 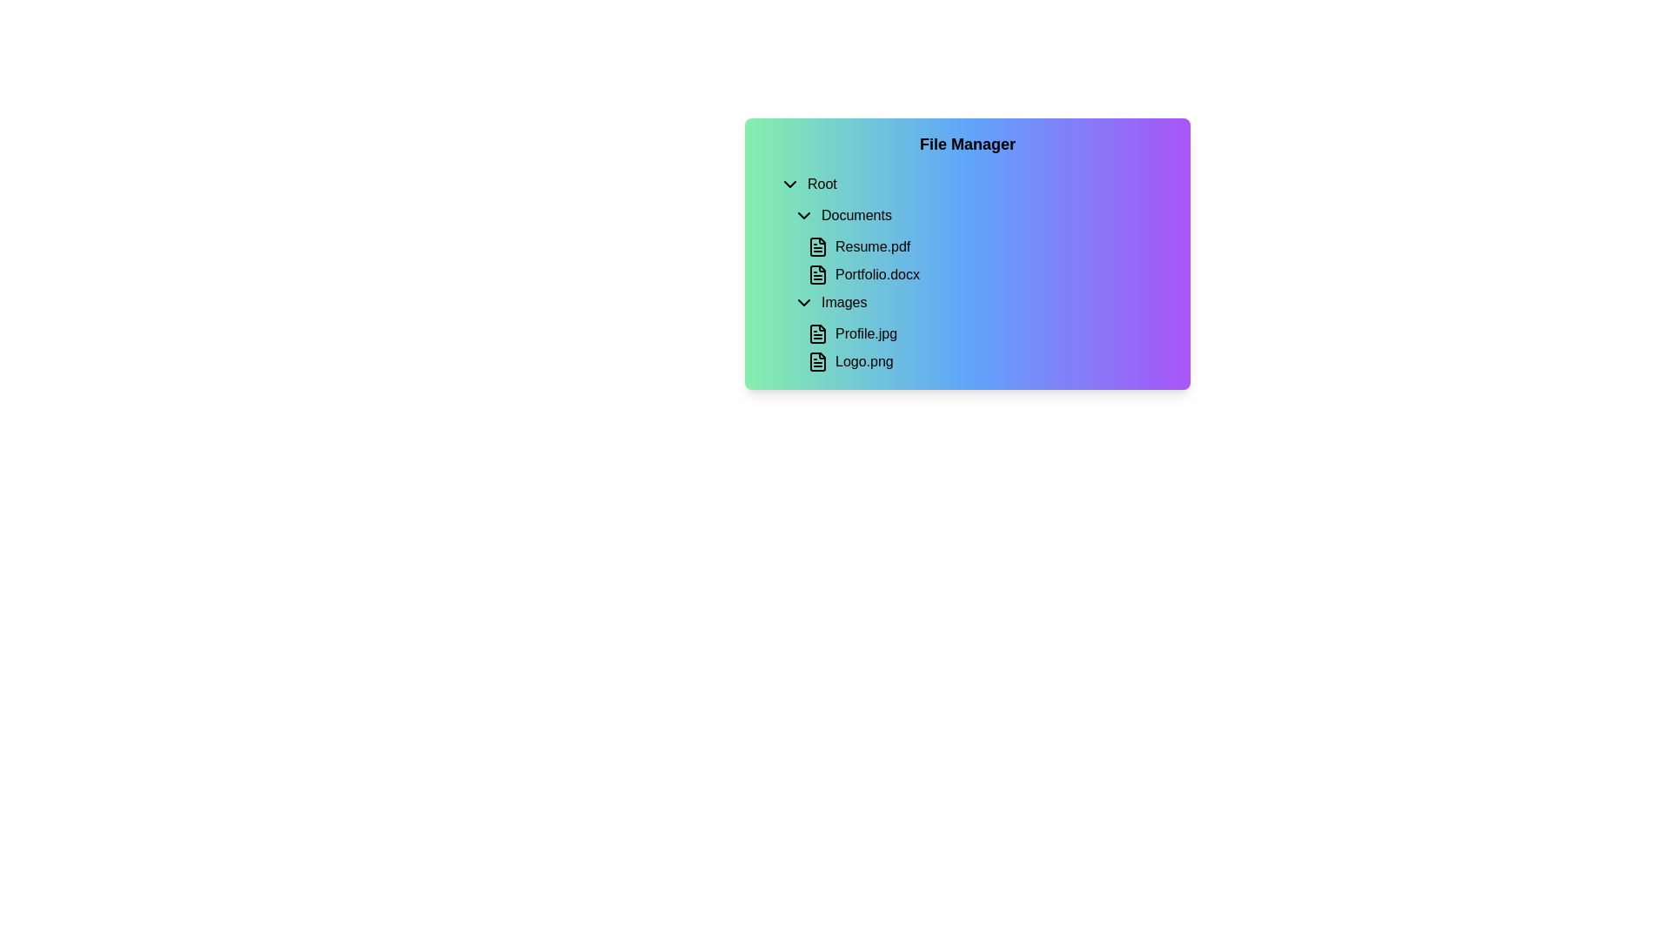 What do you see at coordinates (989, 334) in the screenshot?
I see `the 'Profile.jpg' file entry item in the file manager` at bounding box center [989, 334].